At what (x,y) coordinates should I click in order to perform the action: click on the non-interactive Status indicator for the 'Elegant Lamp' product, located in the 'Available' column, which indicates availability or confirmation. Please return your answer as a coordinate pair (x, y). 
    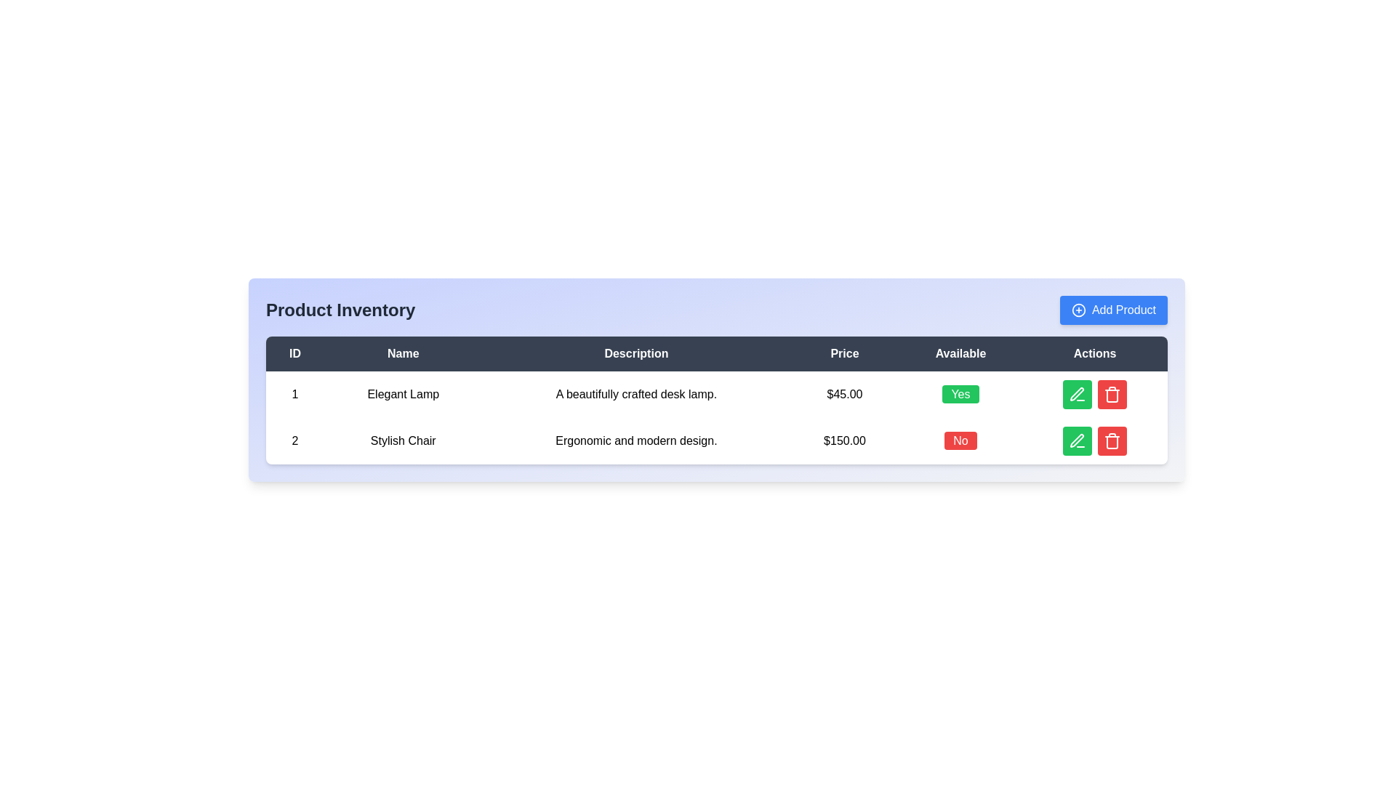
    Looking at the image, I should click on (960, 394).